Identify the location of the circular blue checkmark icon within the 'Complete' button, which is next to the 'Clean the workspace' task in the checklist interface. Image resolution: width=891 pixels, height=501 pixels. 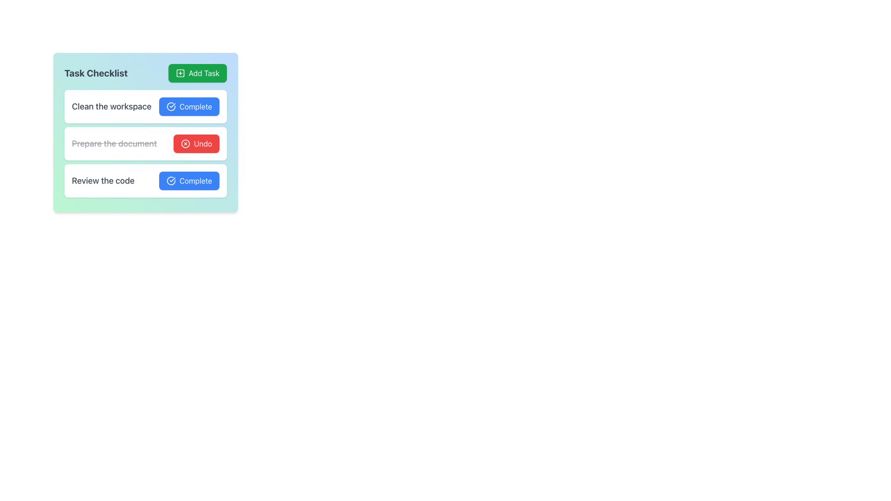
(171, 106).